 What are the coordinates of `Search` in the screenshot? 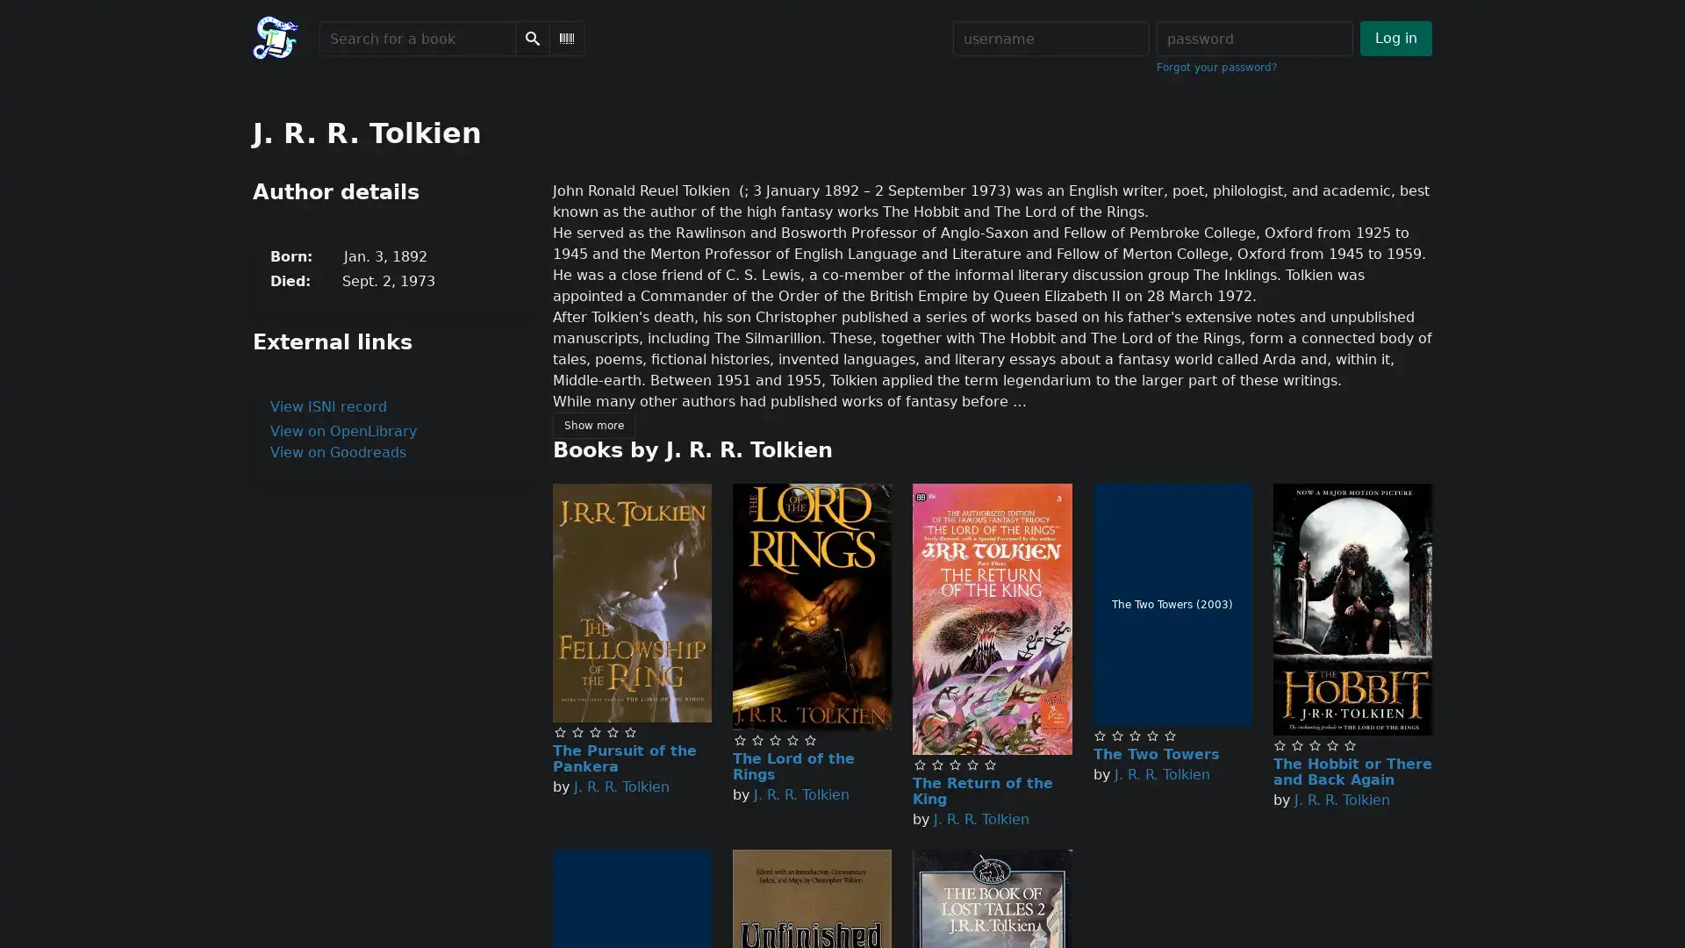 It's located at (531, 38).